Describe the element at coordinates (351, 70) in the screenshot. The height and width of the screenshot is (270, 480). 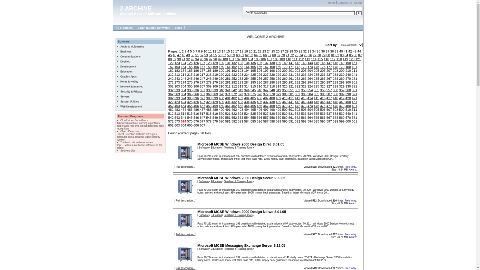
I see `'211'` at that location.